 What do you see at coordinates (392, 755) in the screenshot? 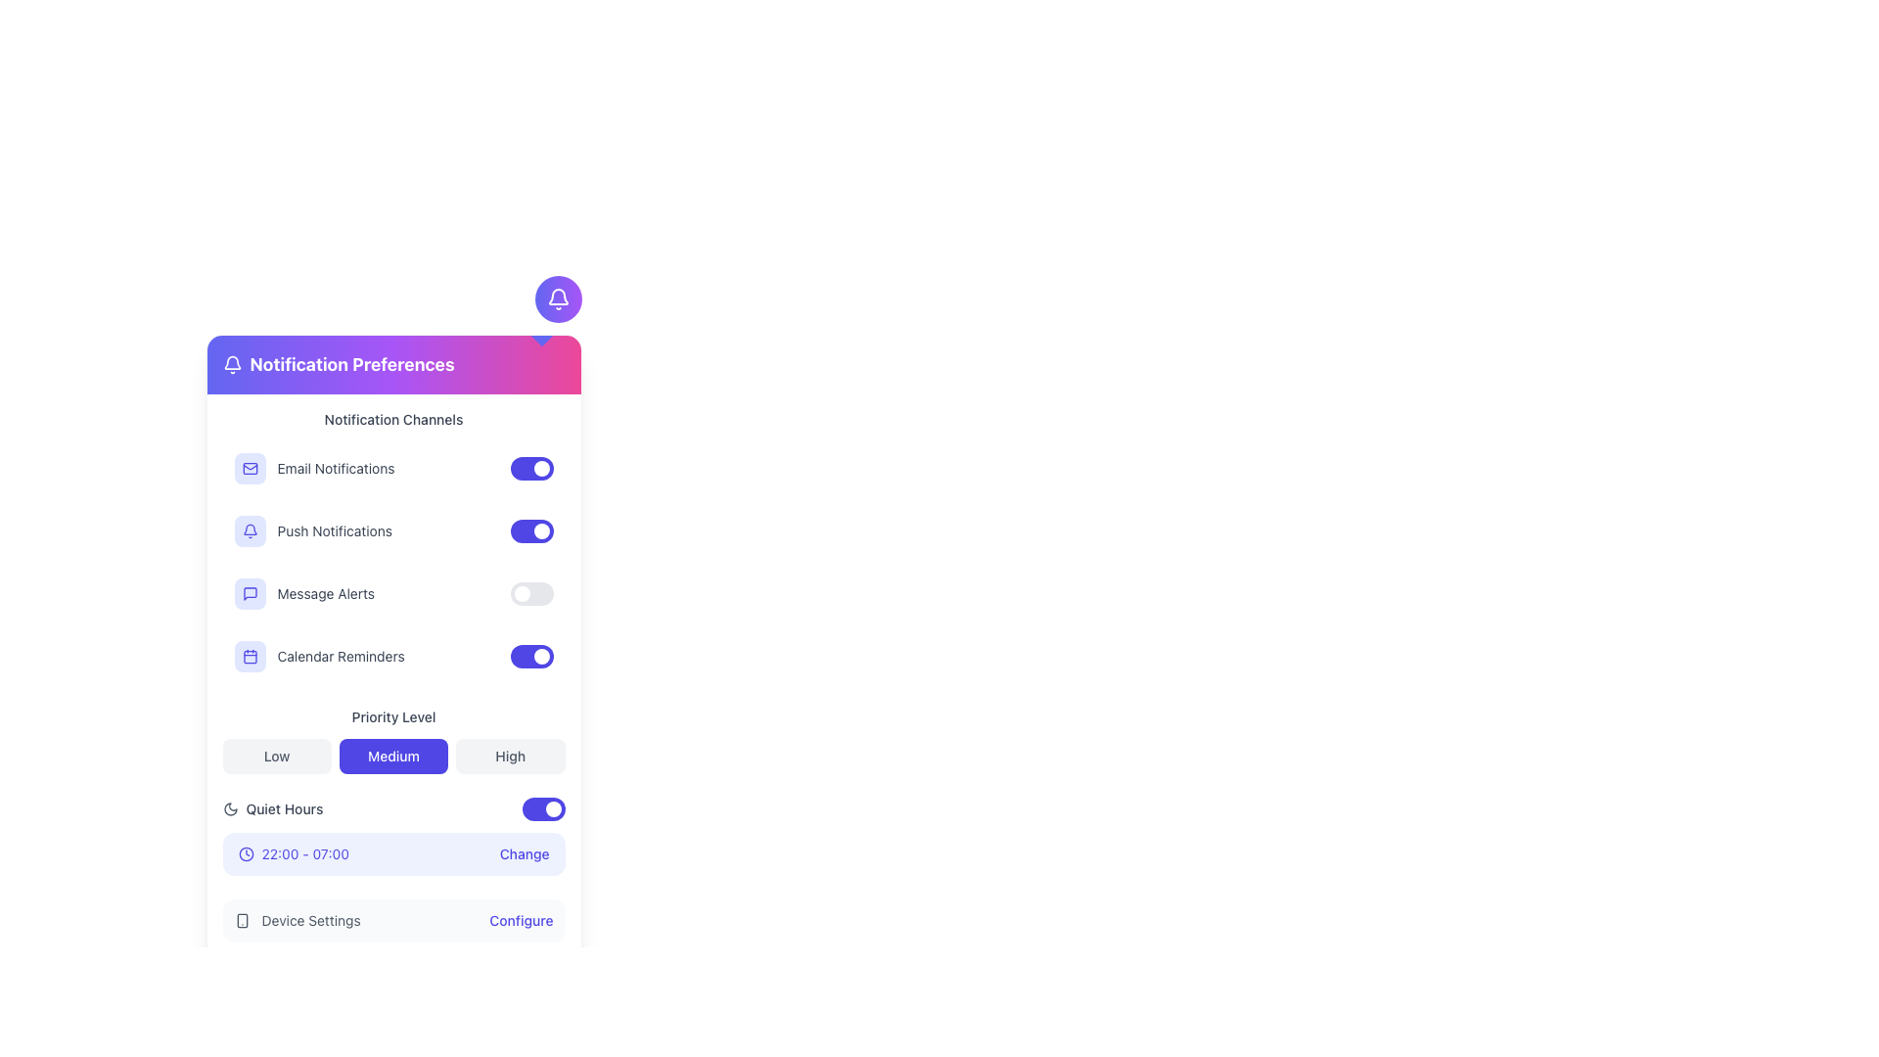
I see `the 'Medium' priority level button, which is a rectangular button with rounded corners, solid indigo background, and white text centered on it` at bounding box center [392, 755].